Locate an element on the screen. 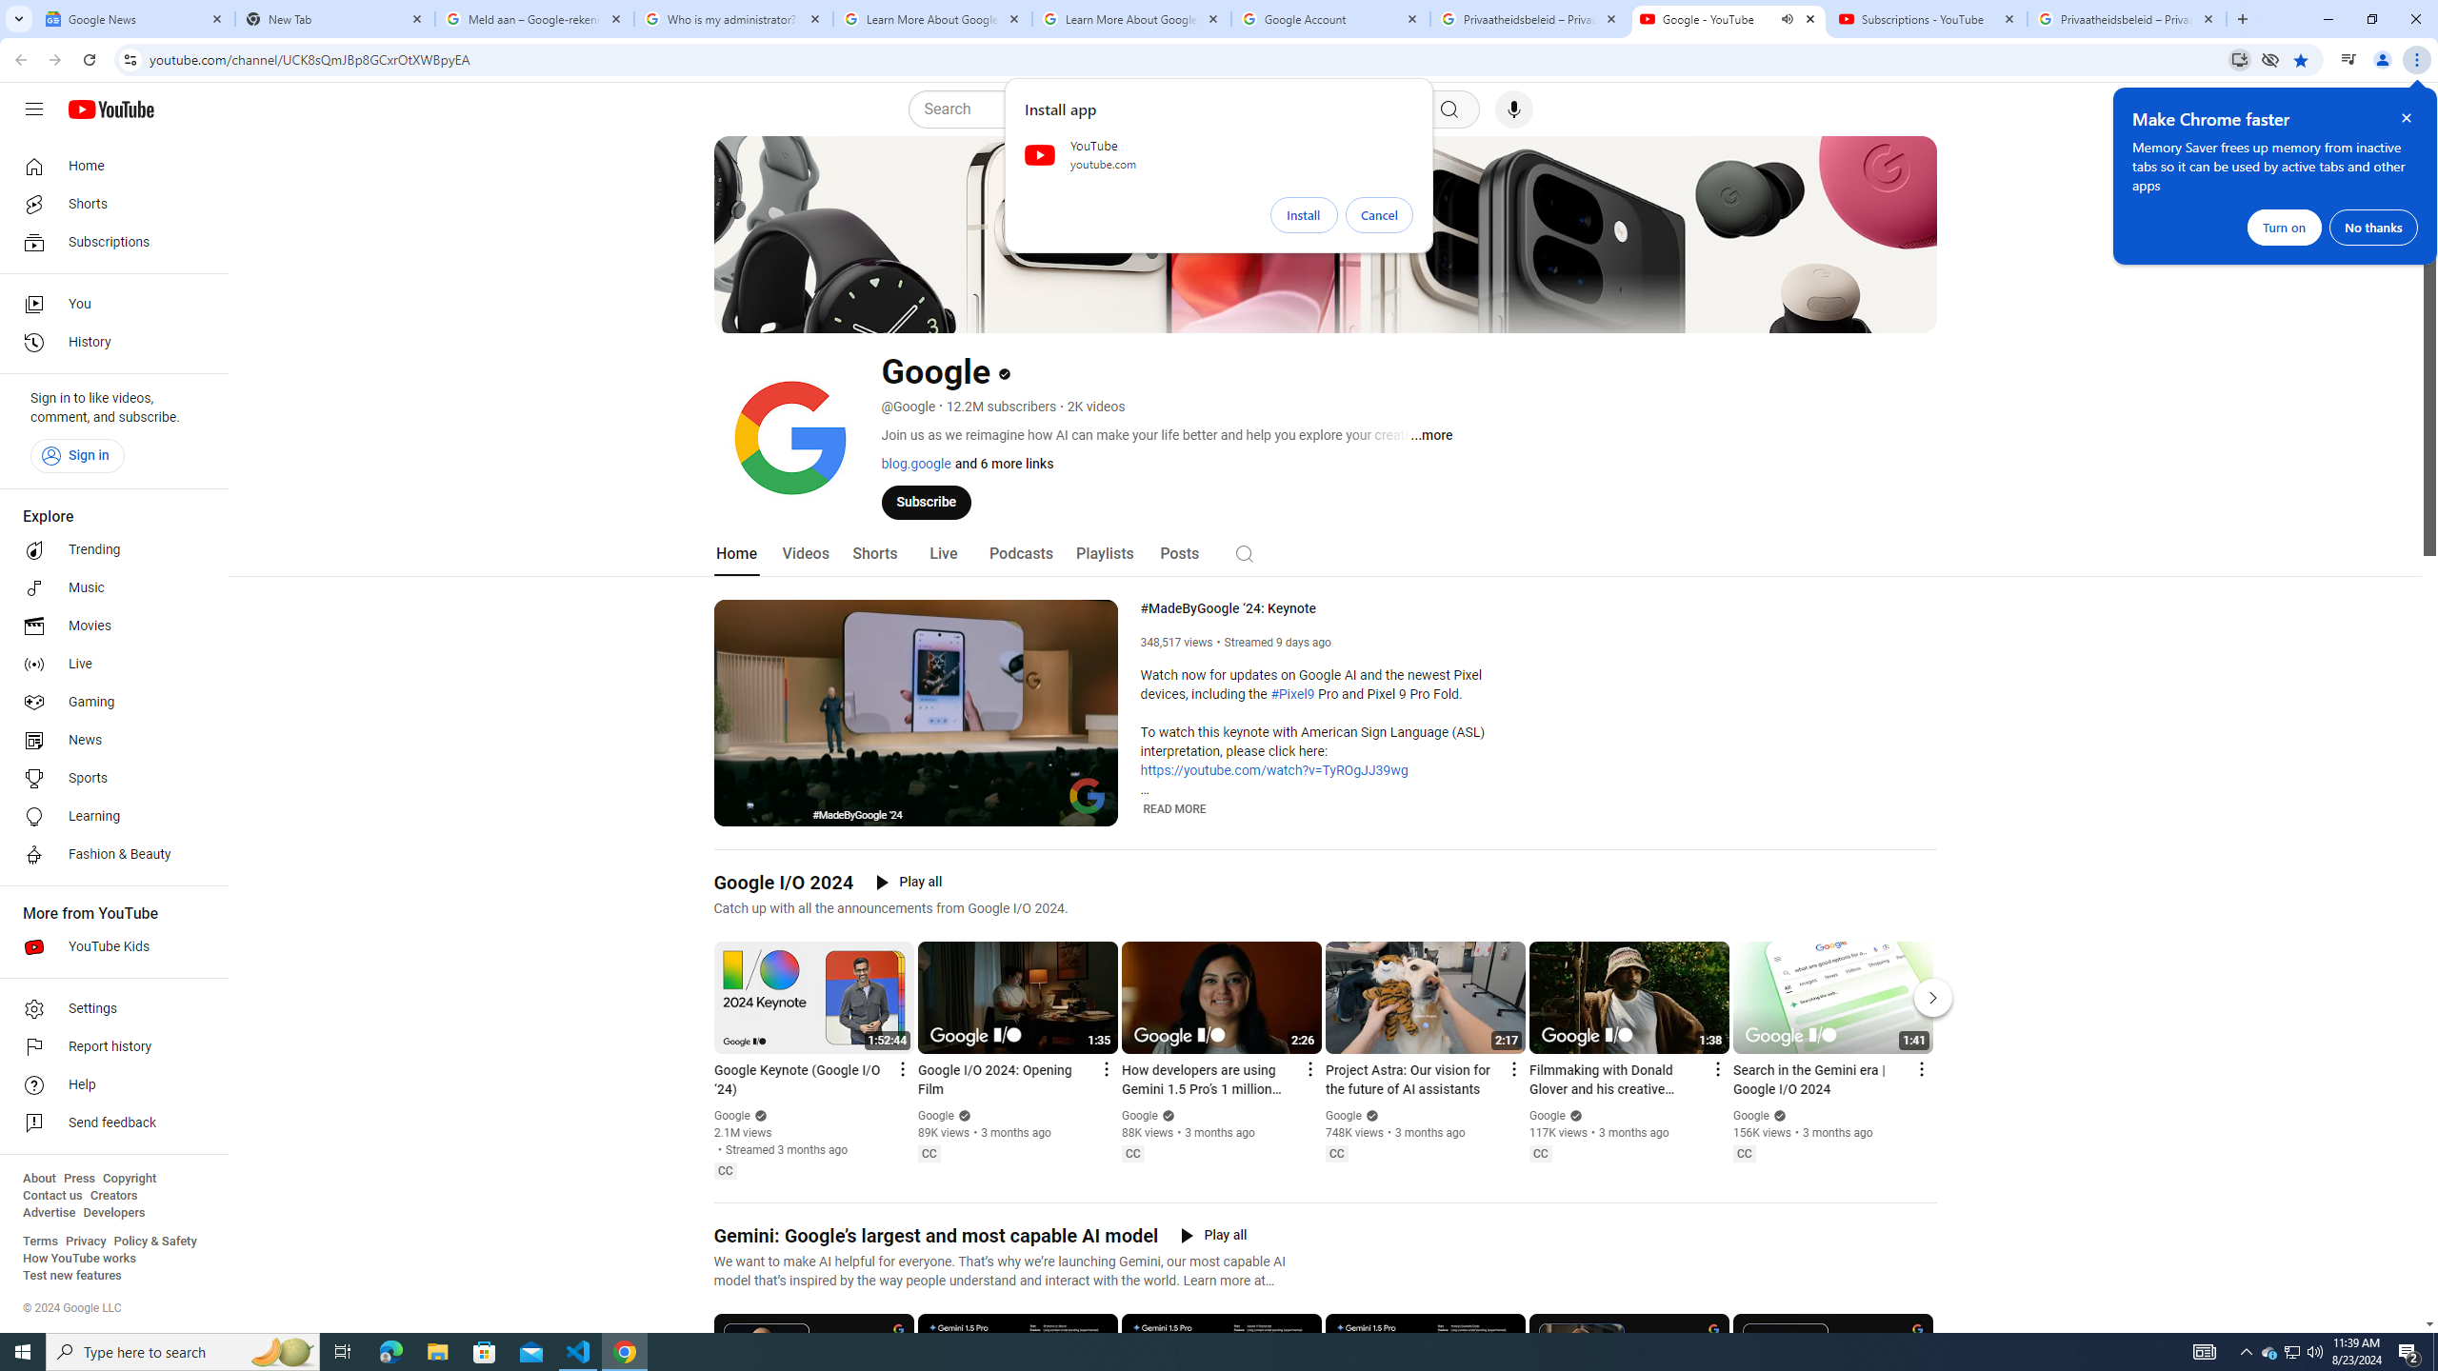 This screenshot has width=2438, height=1371. 'Closed captions' is located at coordinates (1743, 1152).